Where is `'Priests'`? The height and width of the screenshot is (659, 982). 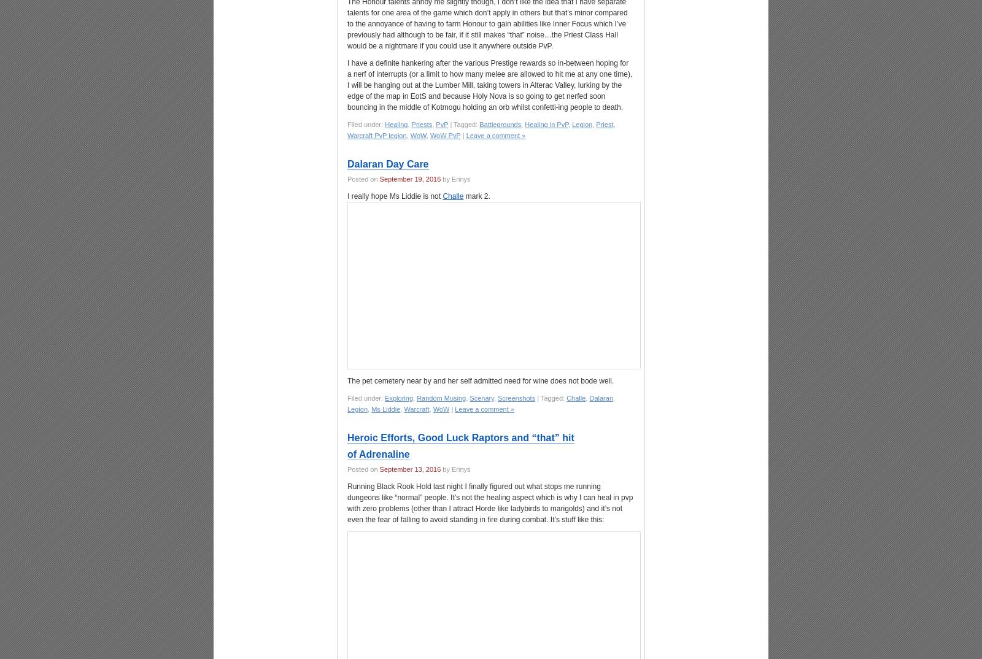
'Priests' is located at coordinates (422, 124).